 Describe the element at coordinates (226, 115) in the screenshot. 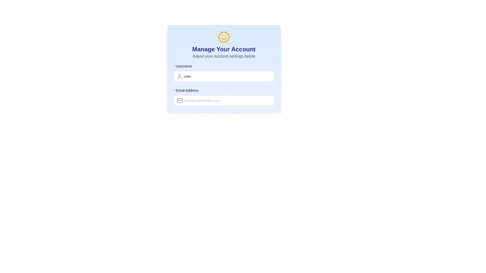

I see `the label element that reads 'Receive email notifications'` at that location.